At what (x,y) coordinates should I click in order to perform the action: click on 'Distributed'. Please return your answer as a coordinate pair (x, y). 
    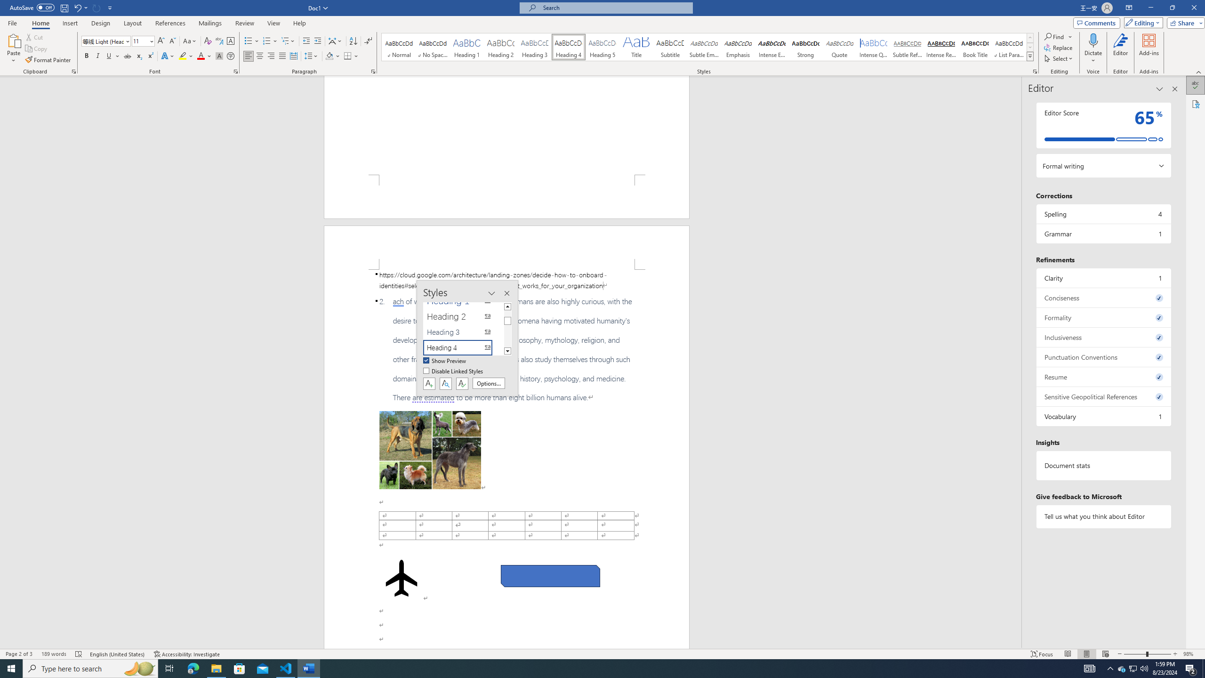
    Looking at the image, I should click on (293, 56).